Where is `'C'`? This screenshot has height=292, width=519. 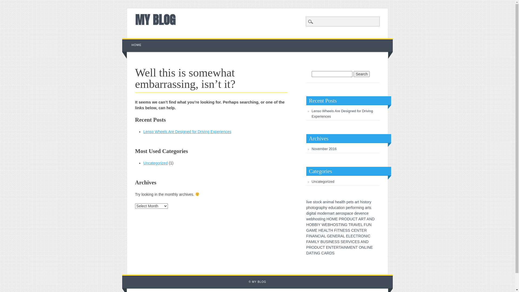 'C' is located at coordinates (368, 235).